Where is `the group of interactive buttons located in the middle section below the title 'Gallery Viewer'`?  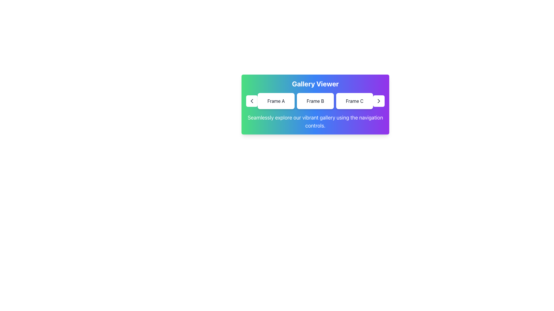
the group of interactive buttons located in the middle section below the title 'Gallery Viewer' is located at coordinates (315, 101).